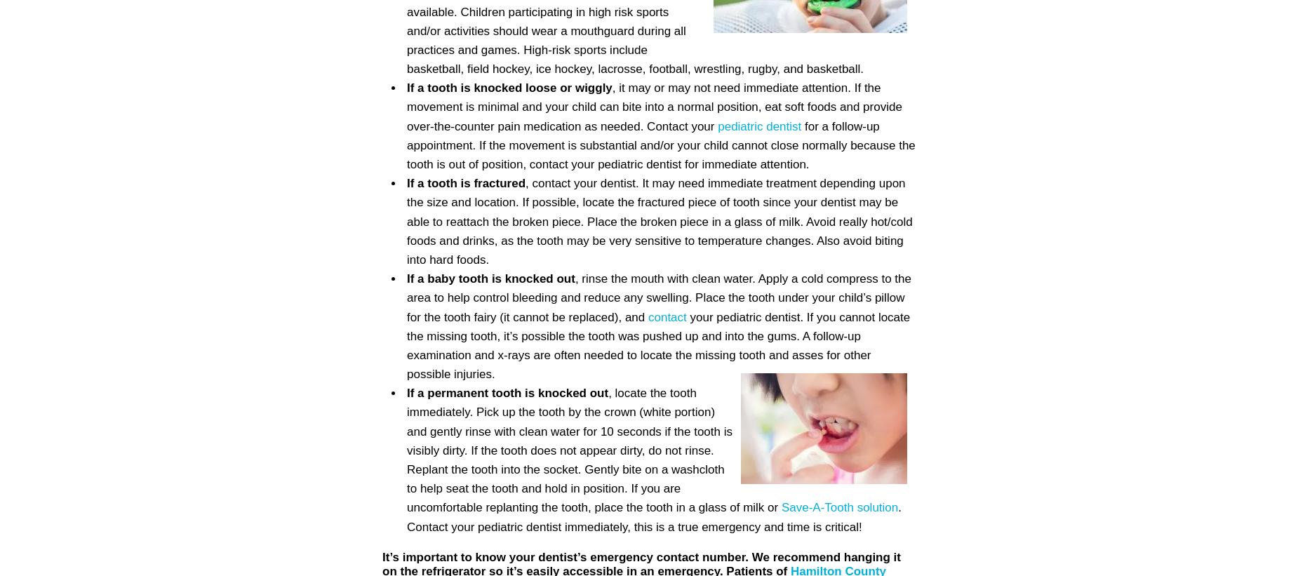 The image size is (1298, 576). I want to click on 'your pediatric dentist. If you cannot locate the missing tooth, it’s possible the tooth was pushed up and into the gums. A follow-up examination and x-rays are often needed to locate the missing tooth and asses for other possible injuries.', so click(657, 344).